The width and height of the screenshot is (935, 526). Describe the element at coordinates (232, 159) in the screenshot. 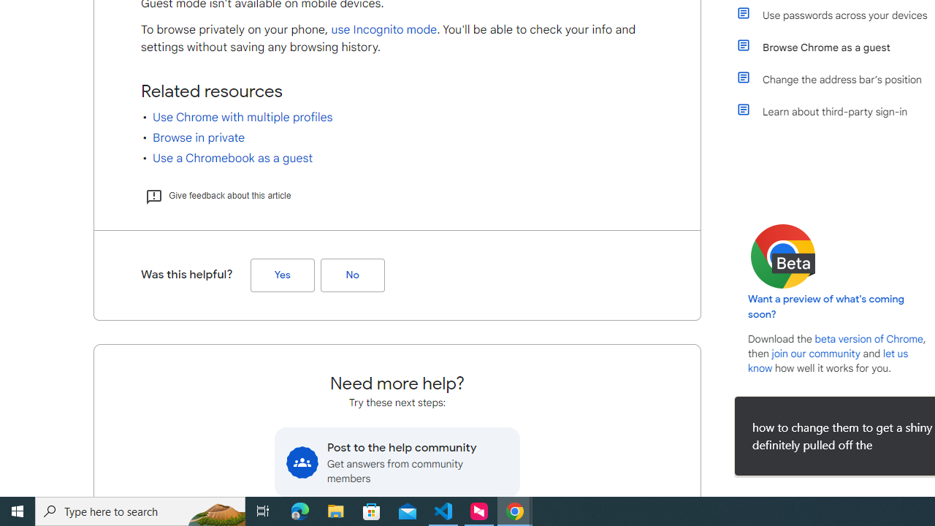

I see `'Use a Chromebook as a guest'` at that location.